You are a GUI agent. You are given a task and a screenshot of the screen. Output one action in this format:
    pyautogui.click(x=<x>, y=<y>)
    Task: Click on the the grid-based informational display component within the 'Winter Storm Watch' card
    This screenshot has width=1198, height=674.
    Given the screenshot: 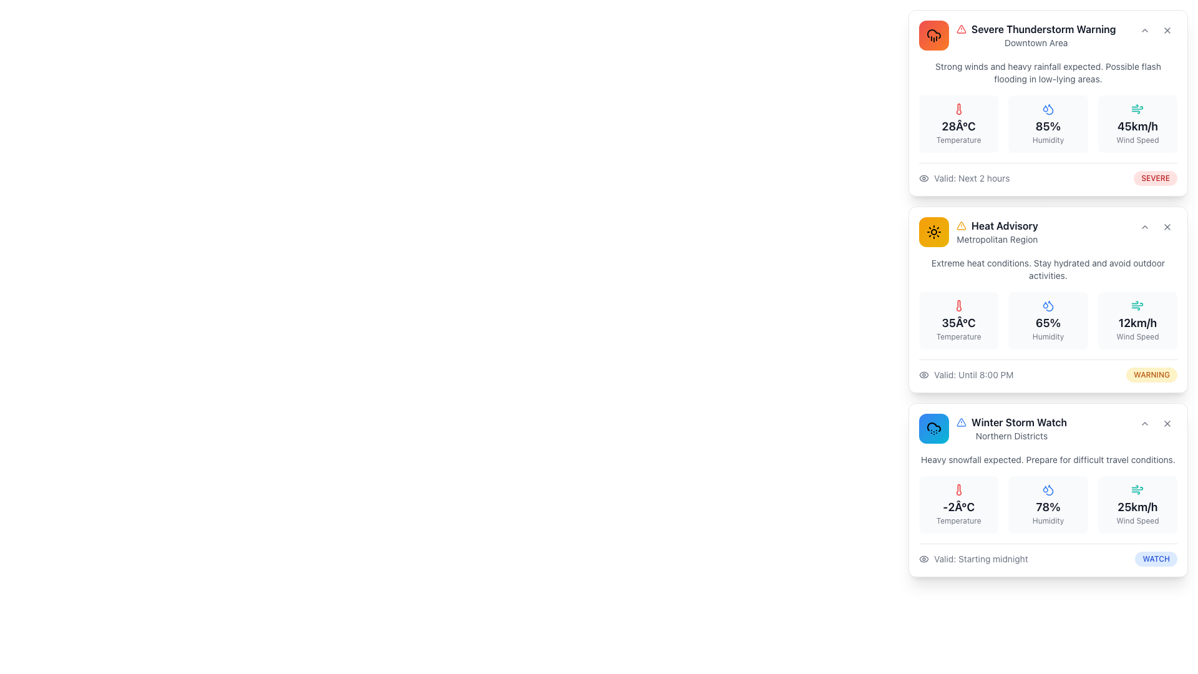 What is the action you would take?
    pyautogui.click(x=1048, y=504)
    